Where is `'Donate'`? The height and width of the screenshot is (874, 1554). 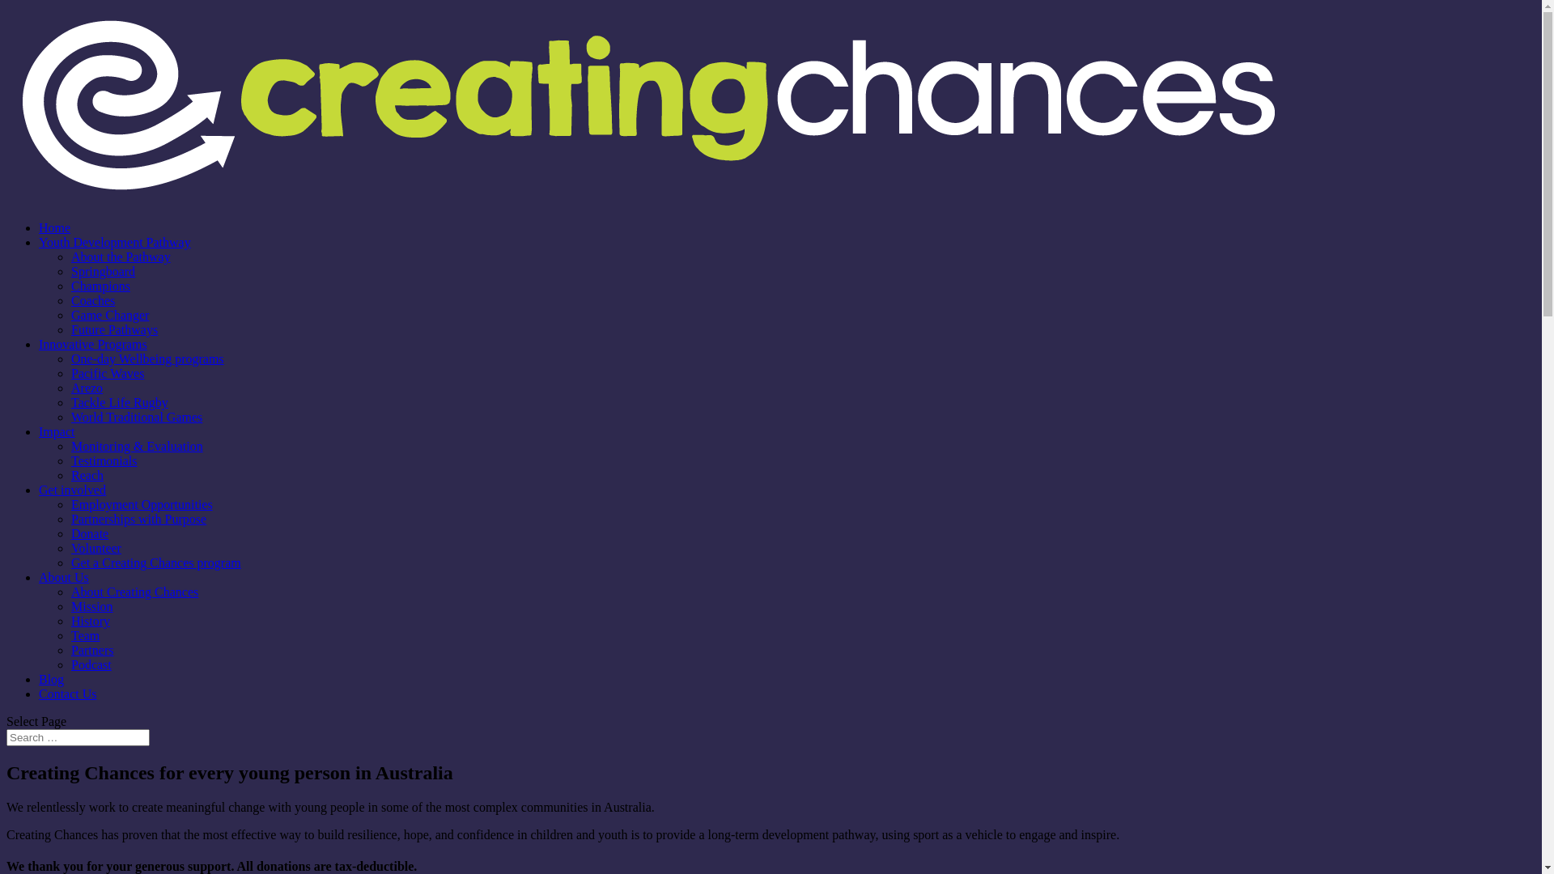 'Donate' is located at coordinates (88, 533).